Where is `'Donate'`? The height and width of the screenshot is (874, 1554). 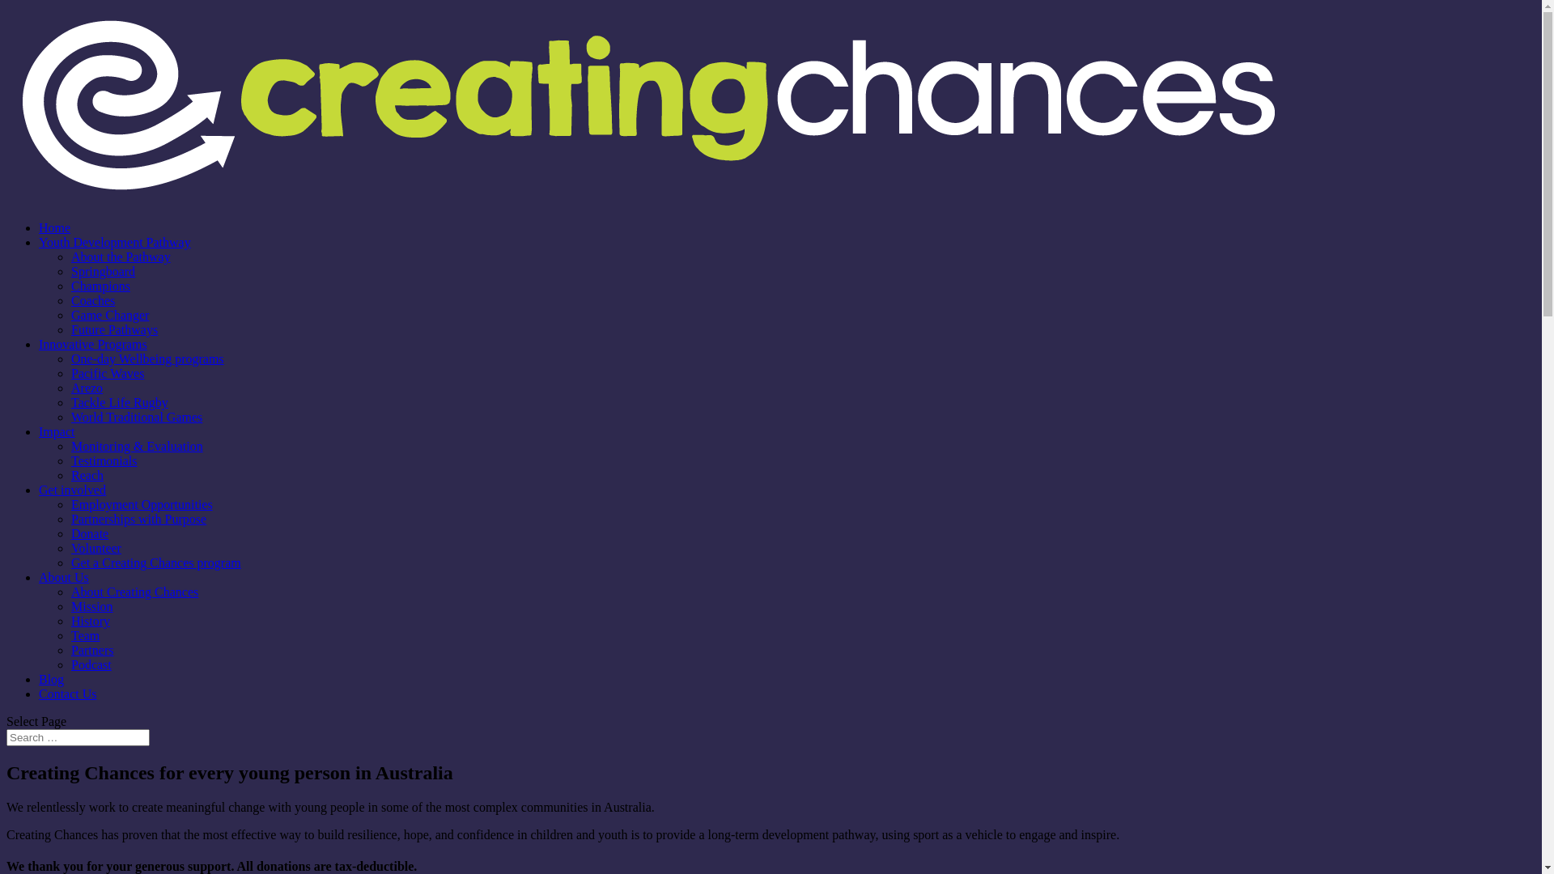 'Donate' is located at coordinates (88, 533).